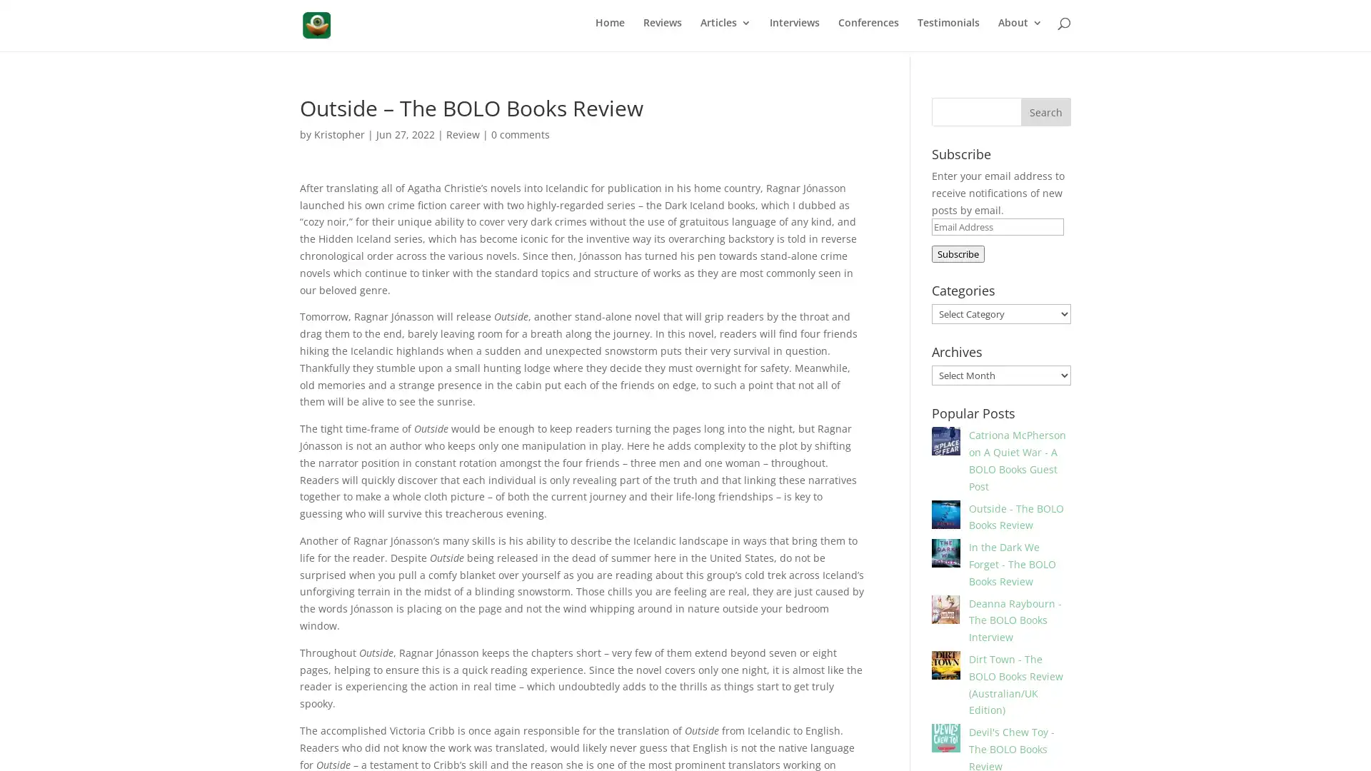  Describe the element at coordinates (1045, 107) in the screenshot. I see `Search` at that location.